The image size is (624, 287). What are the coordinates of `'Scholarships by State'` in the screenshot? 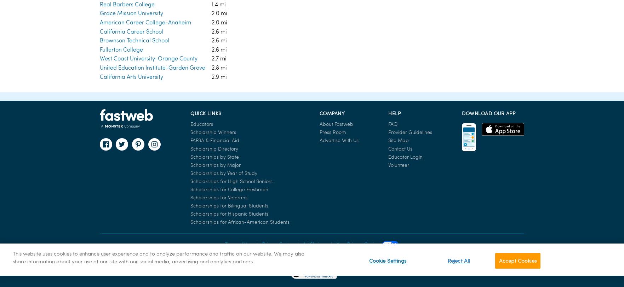 It's located at (214, 13).